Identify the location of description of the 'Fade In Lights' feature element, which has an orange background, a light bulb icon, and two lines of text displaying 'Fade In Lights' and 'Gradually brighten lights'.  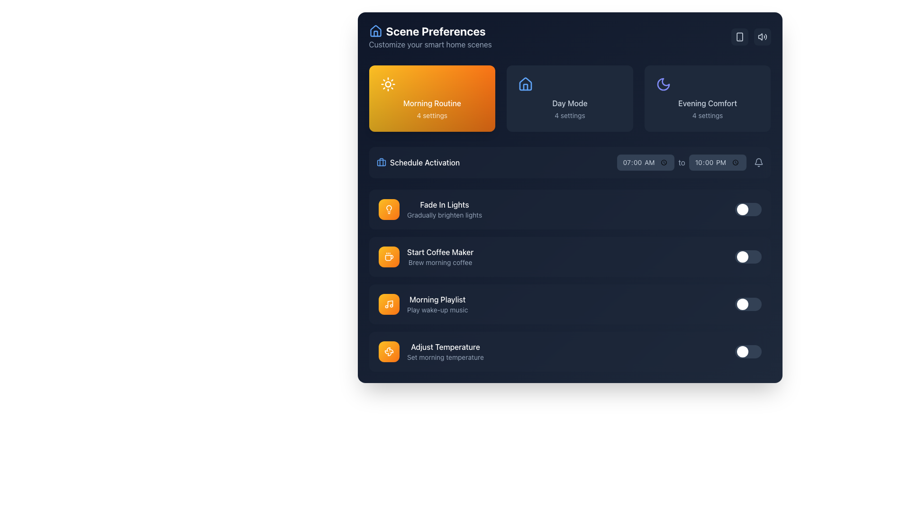
(429, 209).